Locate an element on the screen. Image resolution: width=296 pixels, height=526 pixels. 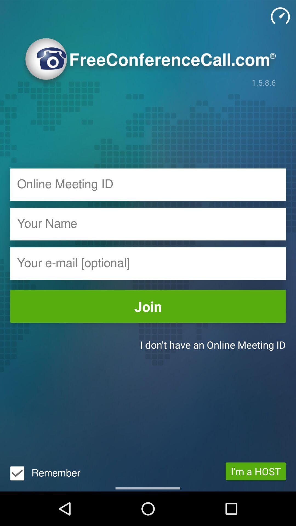
the time icon is located at coordinates (280, 16).